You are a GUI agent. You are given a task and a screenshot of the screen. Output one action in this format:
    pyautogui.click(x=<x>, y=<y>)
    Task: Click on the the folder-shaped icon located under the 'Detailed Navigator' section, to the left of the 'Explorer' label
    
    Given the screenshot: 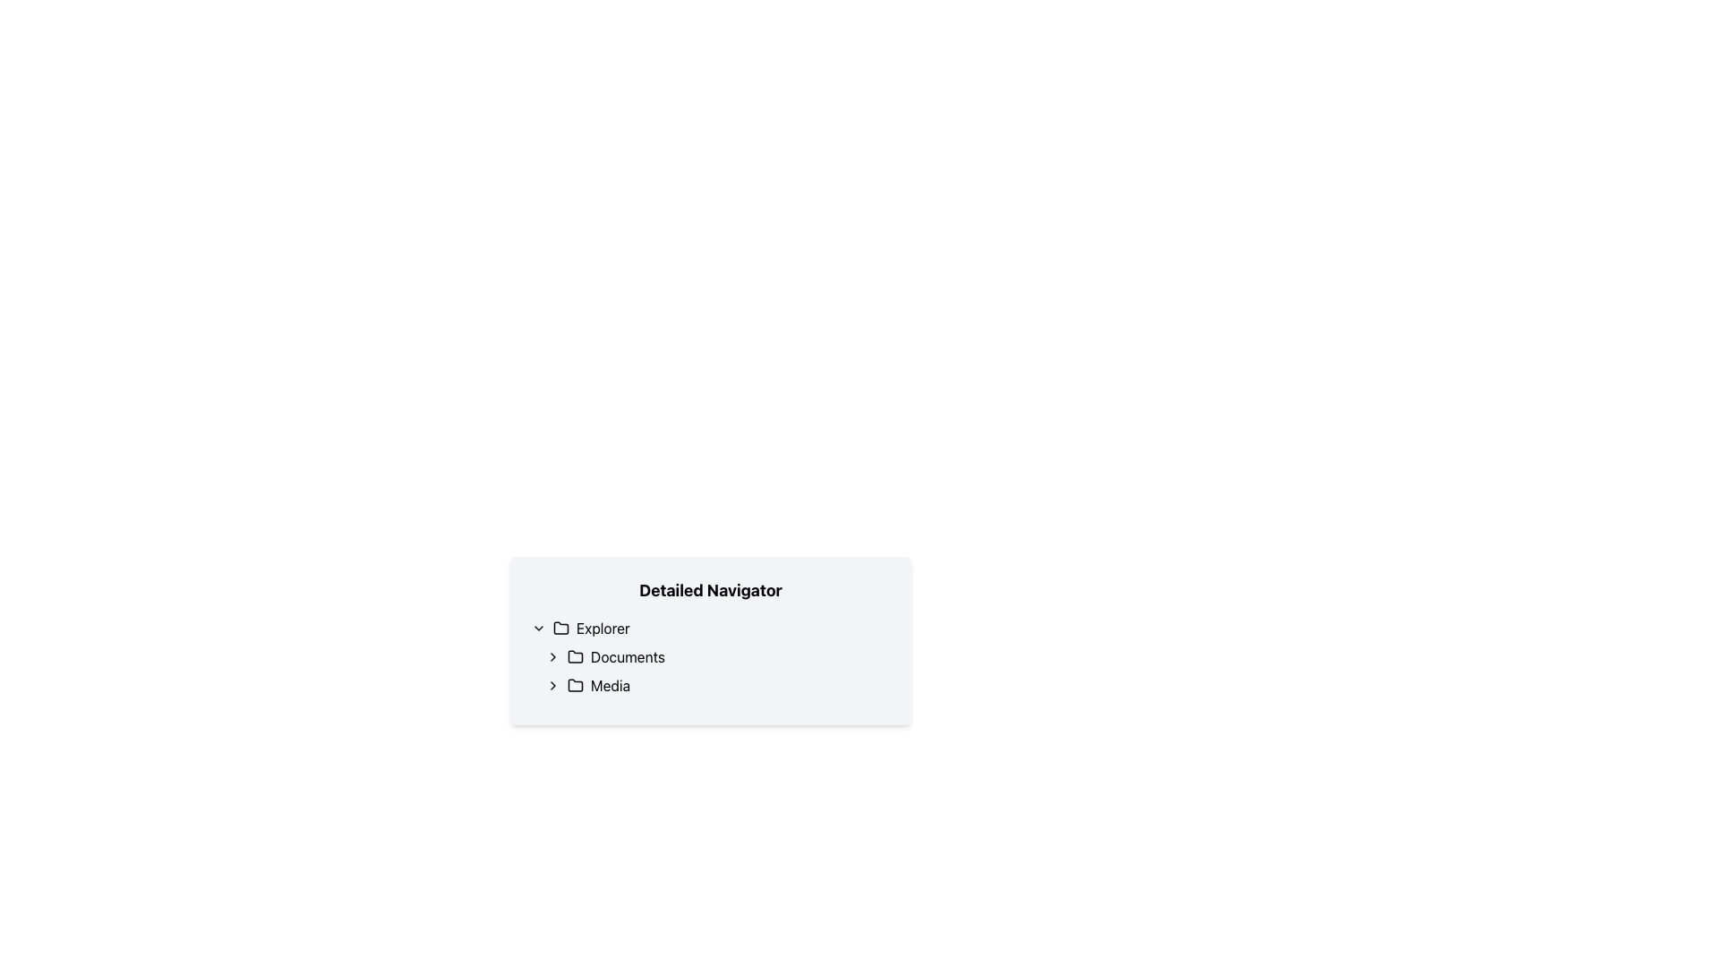 What is the action you would take?
    pyautogui.click(x=560, y=627)
    